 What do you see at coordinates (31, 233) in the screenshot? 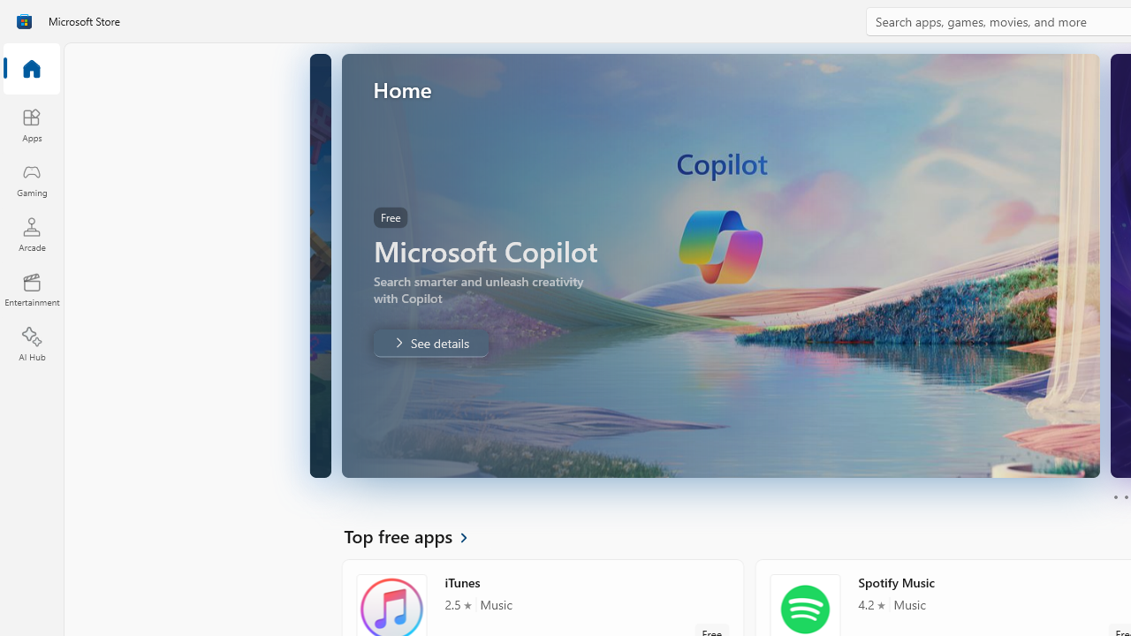
I see `'Arcade'` at bounding box center [31, 233].